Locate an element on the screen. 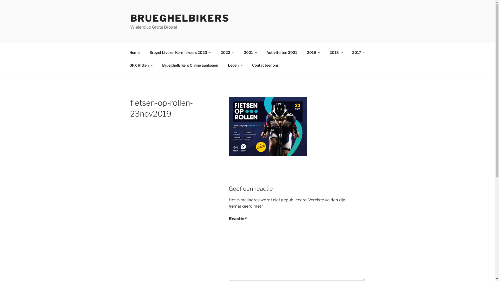 This screenshot has width=499, height=281. 'Leden' is located at coordinates (223, 65).